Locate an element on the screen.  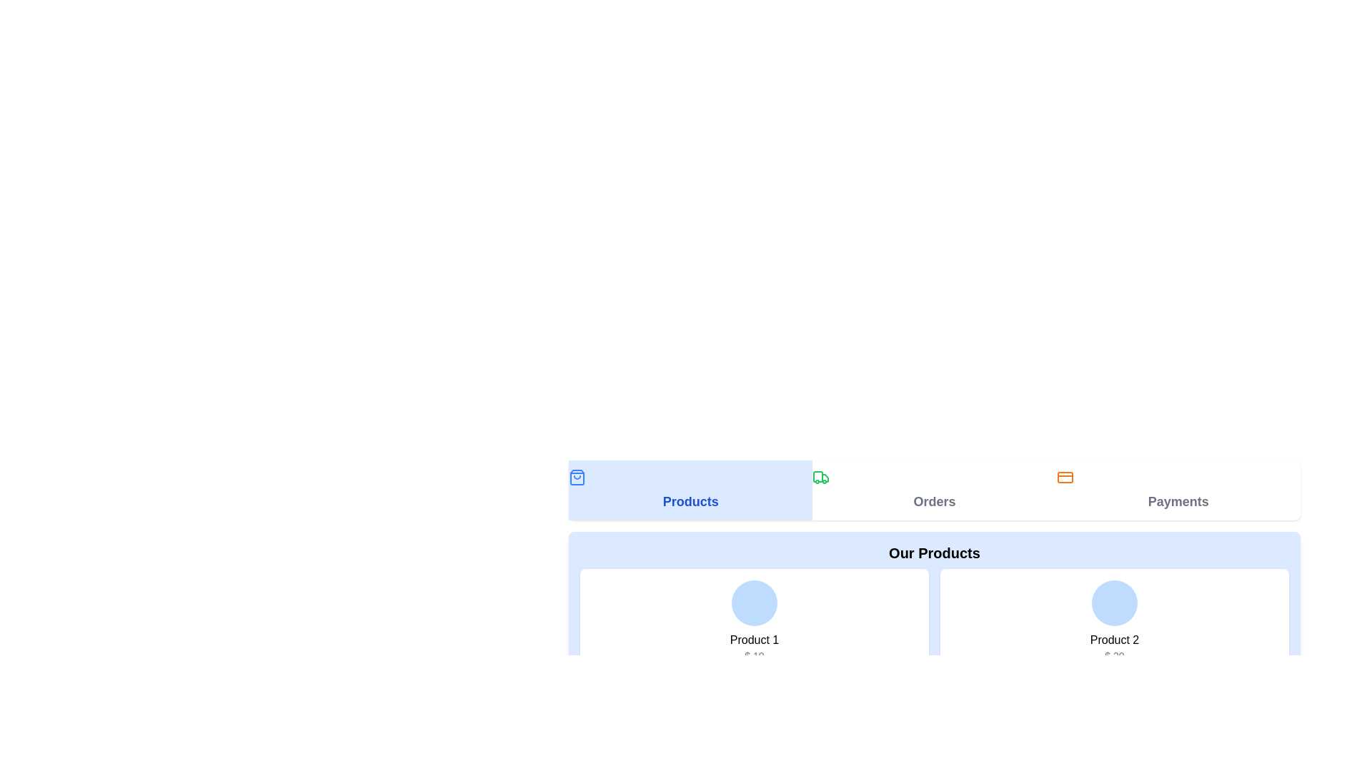
the 'Orders' section of the navigation bar is located at coordinates (935, 489).